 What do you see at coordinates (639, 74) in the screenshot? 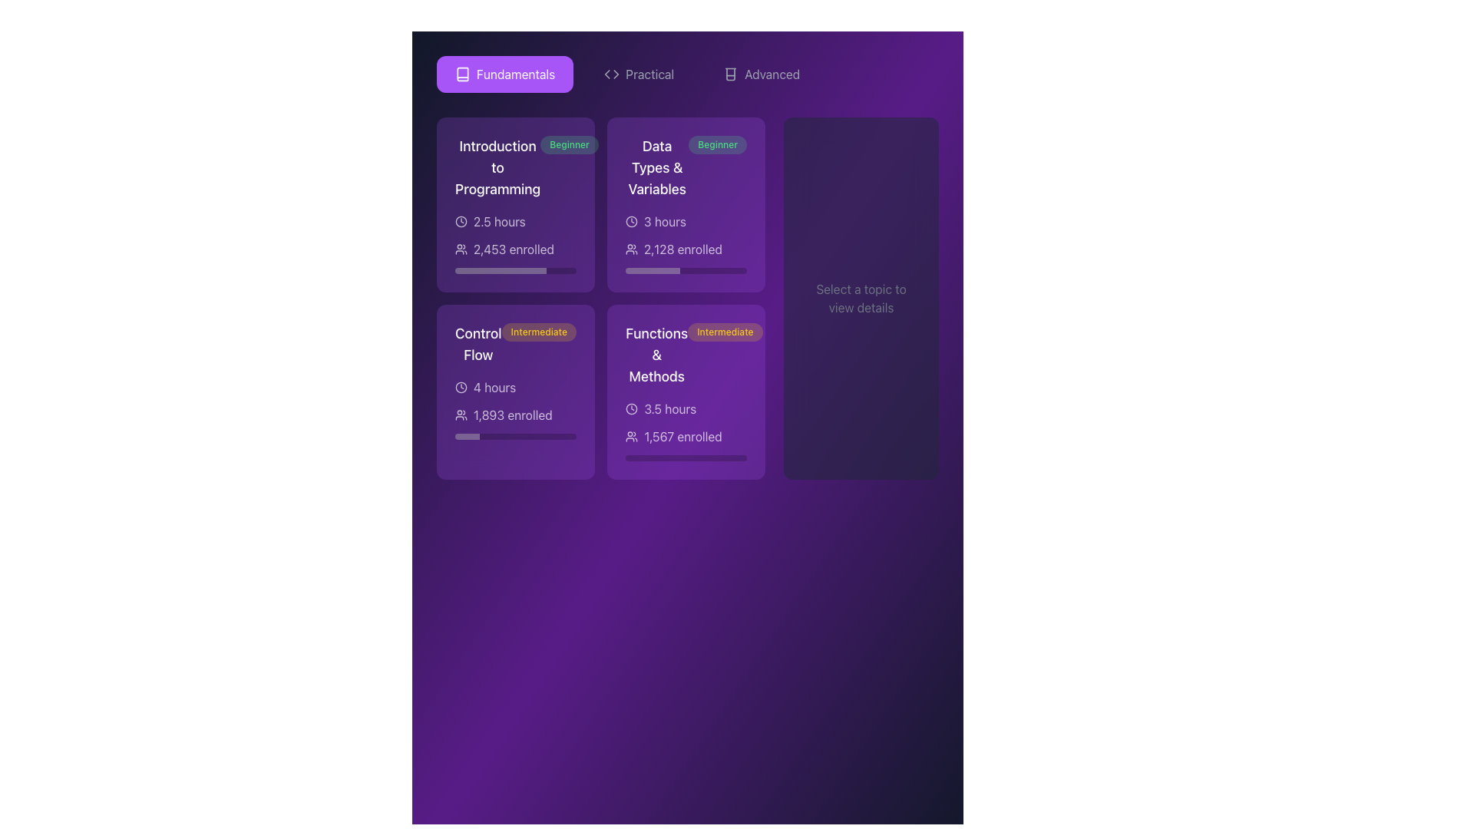
I see `the navigation button for practical exercises, located centrally in the top navigation bar, between the 'Fundamentals' and 'Advanced' buttons` at bounding box center [639, 74].